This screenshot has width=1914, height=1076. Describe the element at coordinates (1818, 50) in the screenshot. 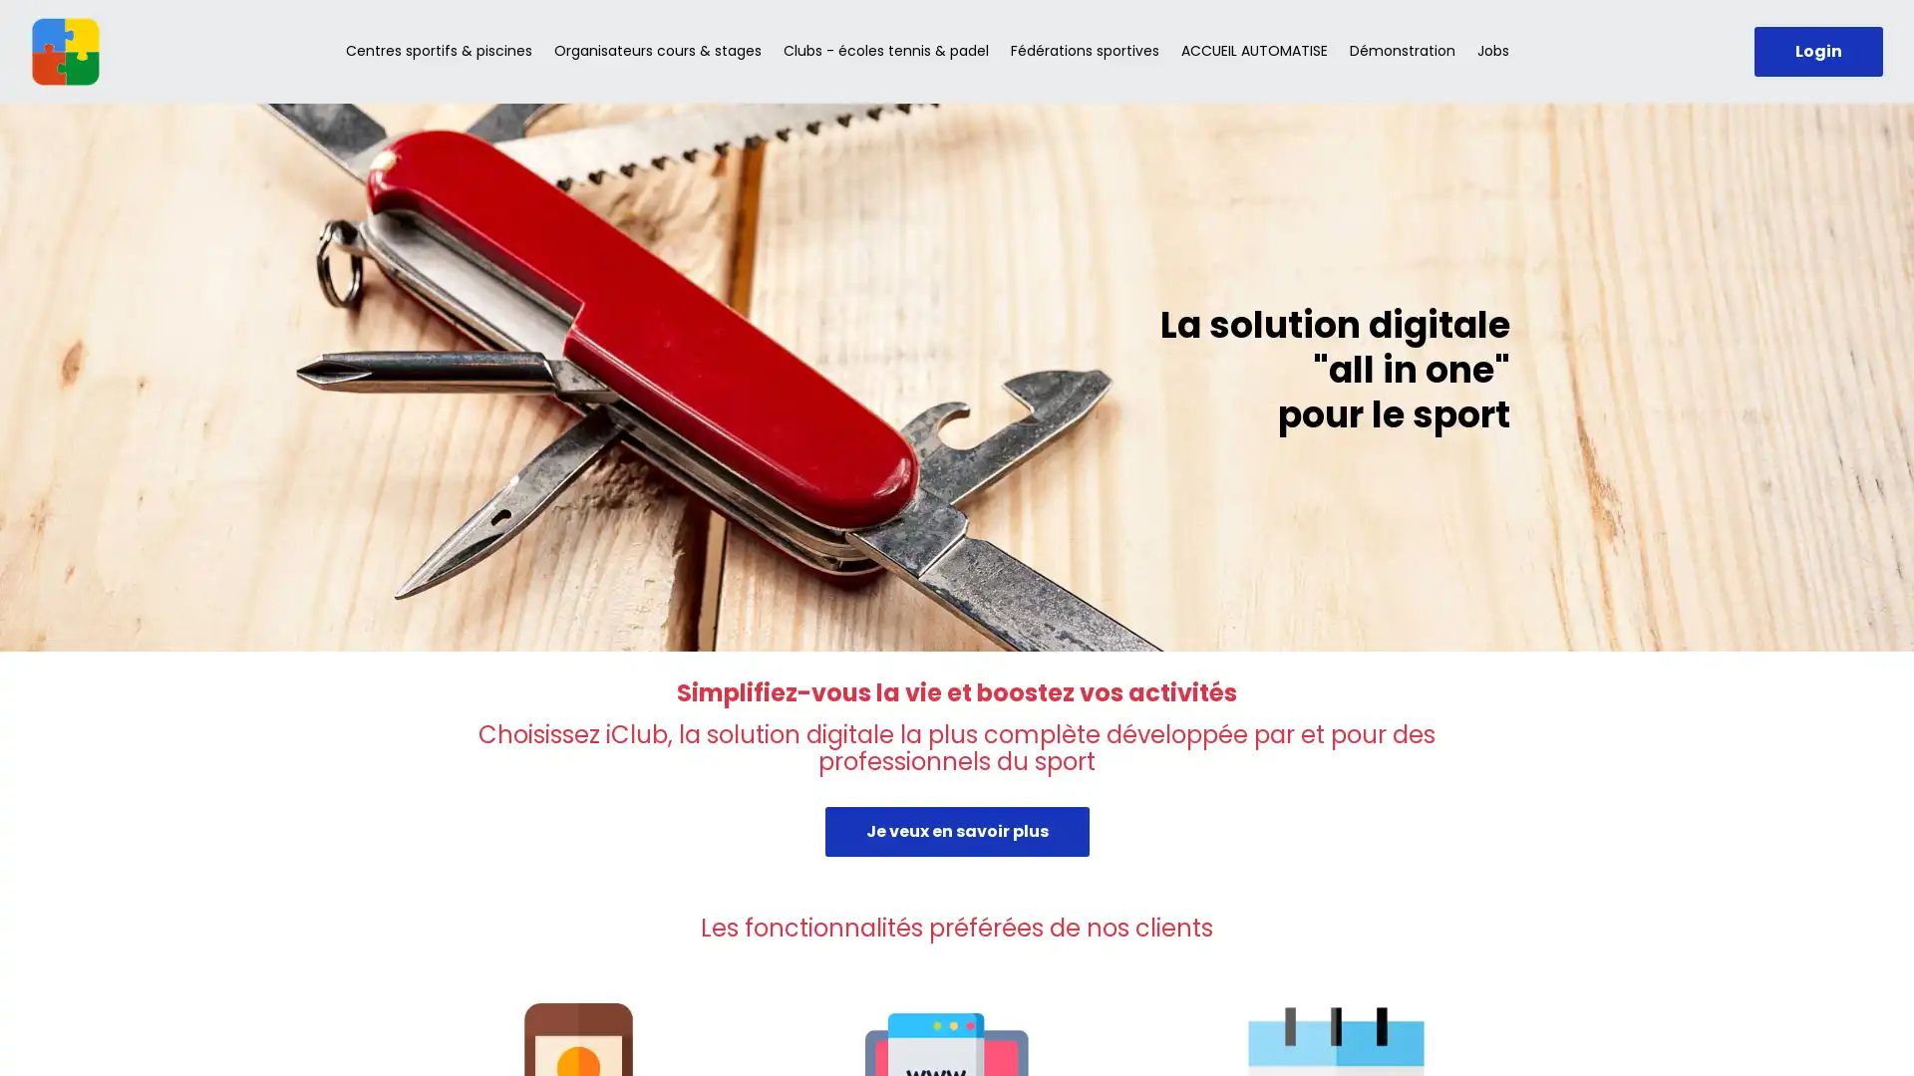

I see `Login` at that location.